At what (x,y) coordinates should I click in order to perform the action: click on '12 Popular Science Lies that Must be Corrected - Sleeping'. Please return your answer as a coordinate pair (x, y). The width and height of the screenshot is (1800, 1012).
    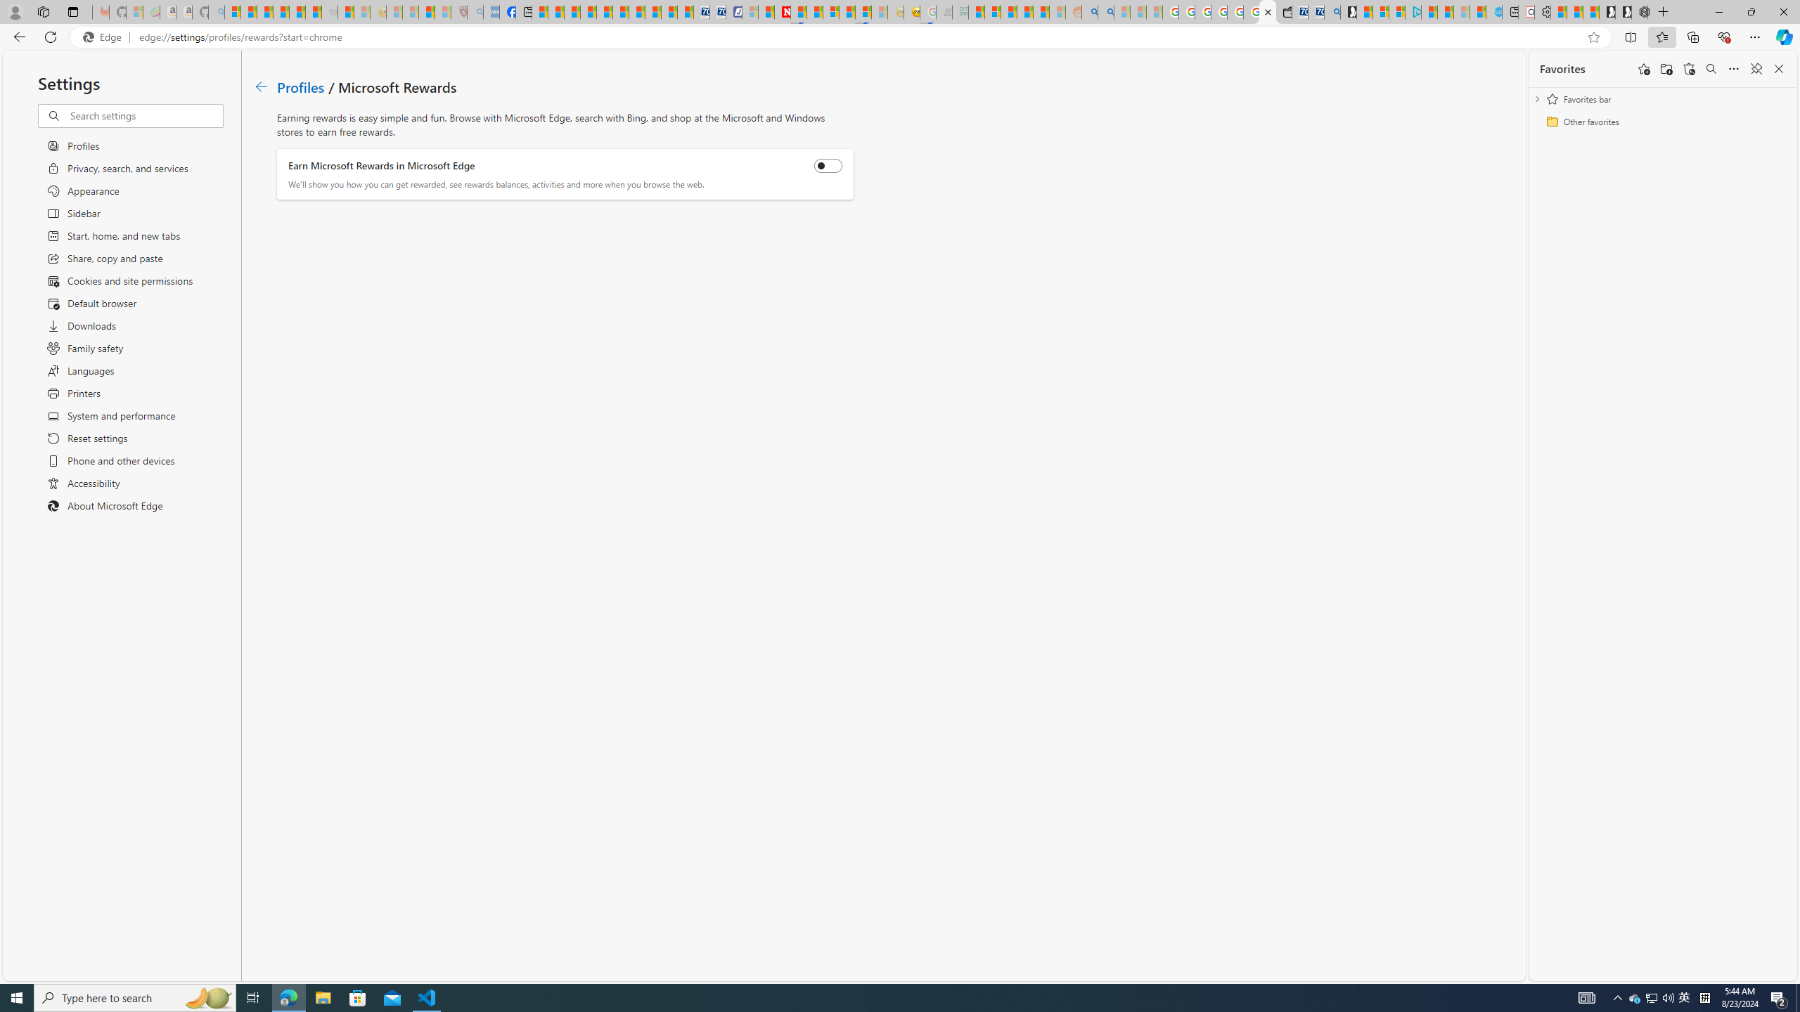
    Looking at the image, I should click on (442, 11).